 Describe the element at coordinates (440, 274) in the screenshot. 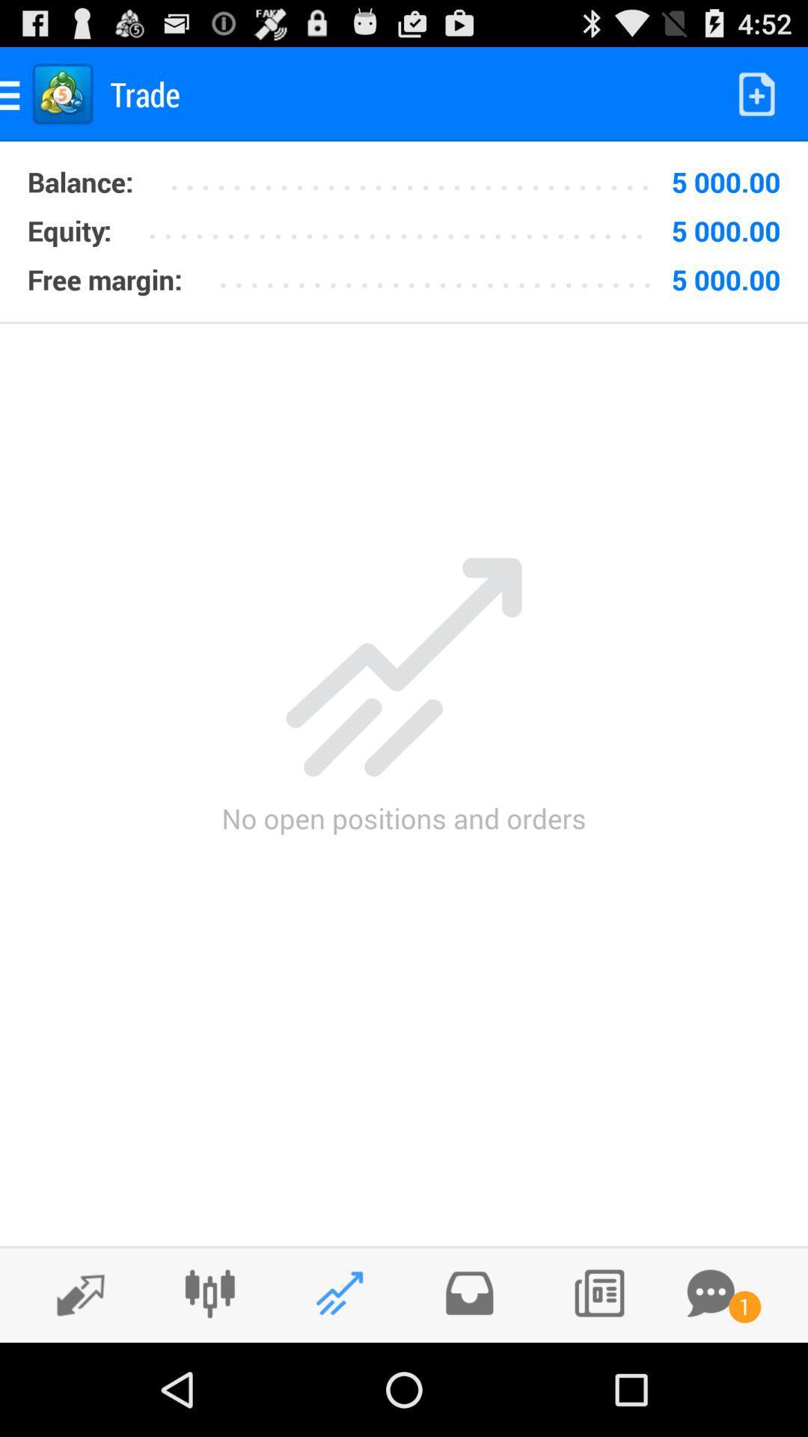

I see `the item below the 5 000.00 icon` at that location.